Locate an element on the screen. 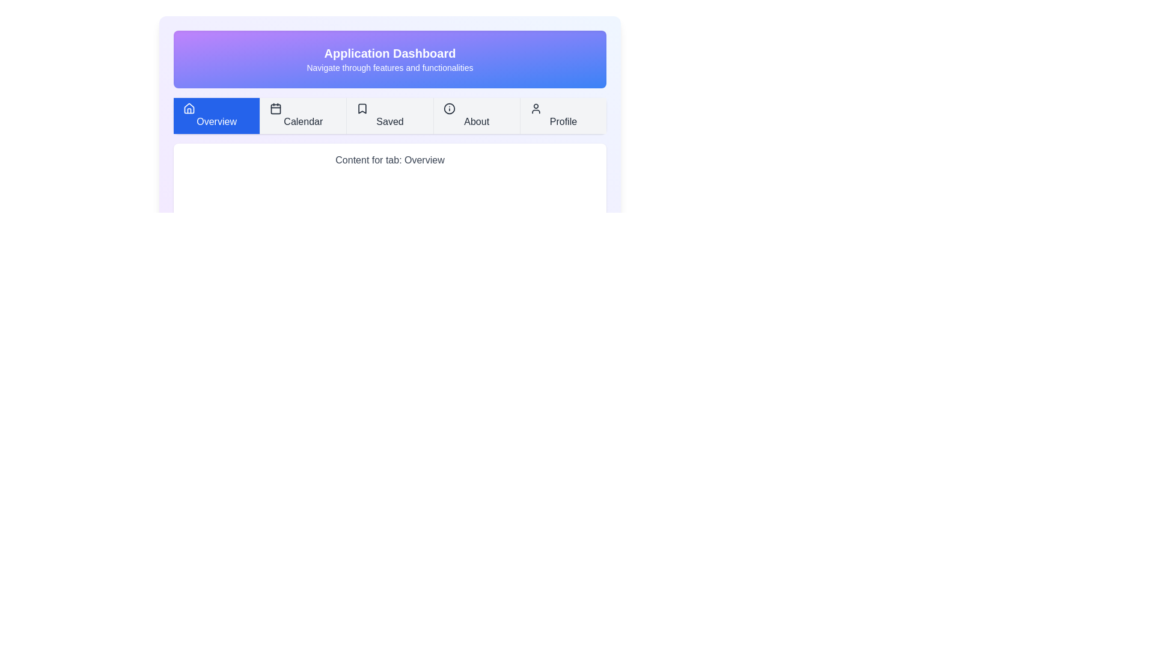  the 'Saved' tab in the tab bar located below the 'Application Dashboard' header is located at coordinates (389, 115).